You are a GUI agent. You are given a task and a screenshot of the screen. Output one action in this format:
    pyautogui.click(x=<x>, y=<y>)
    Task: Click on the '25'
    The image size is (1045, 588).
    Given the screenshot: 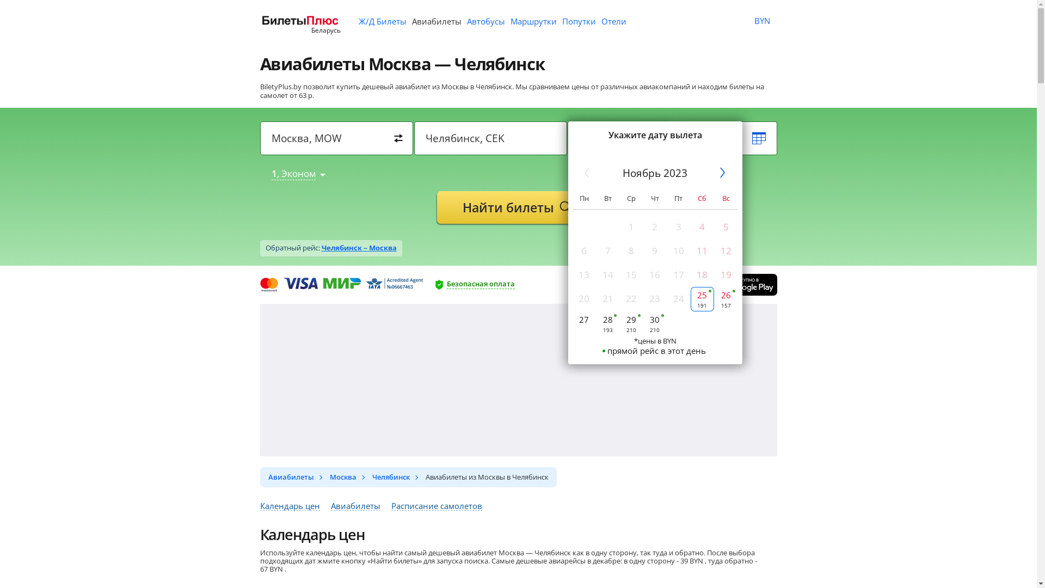 What is the action you would take?
    pyautogui.click(x=702, y=299)
    